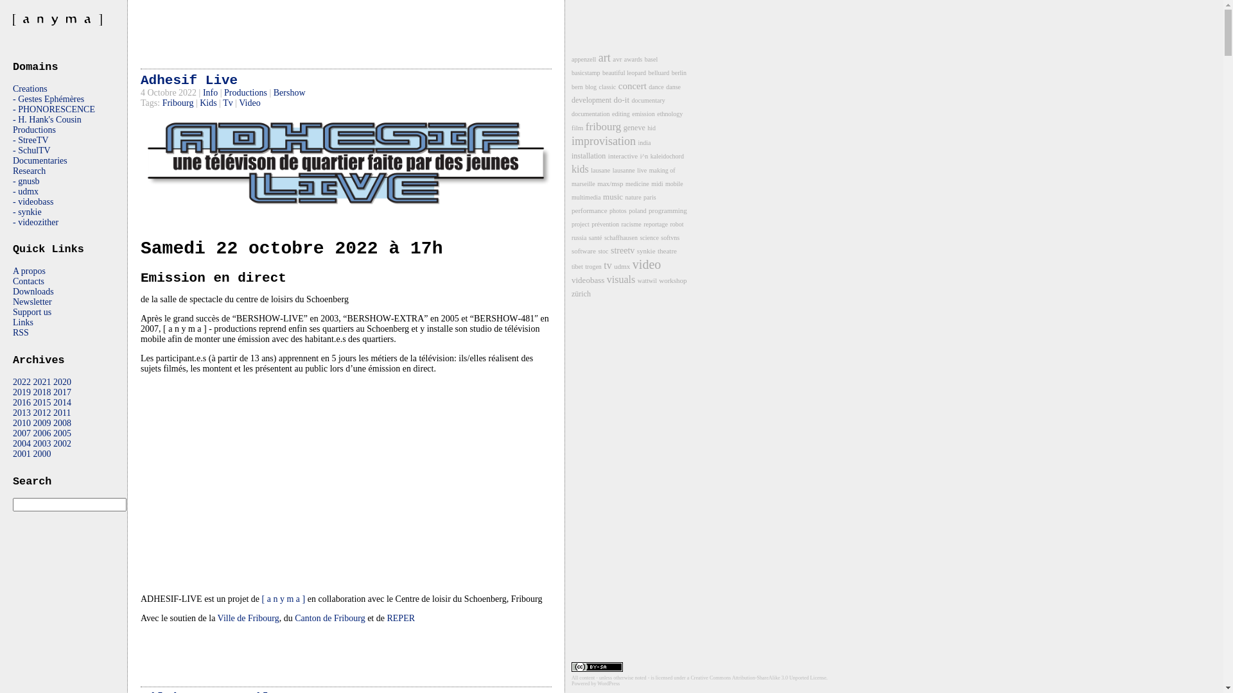 This screenshot has width=1233, height=693. Describe the element at coordinates (658, 73) in the screenshot. I see `'belluard'` at that location.